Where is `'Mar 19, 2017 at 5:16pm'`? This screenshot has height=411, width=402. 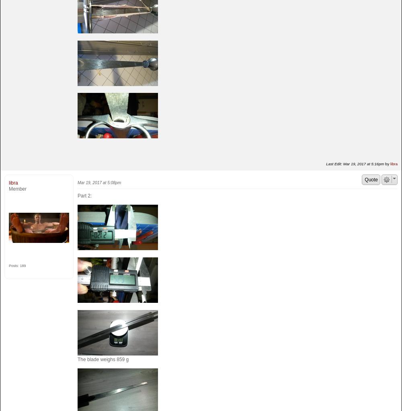
'Mar 19, 2017 at 5:16pm' is located at coordinates (363, 164).